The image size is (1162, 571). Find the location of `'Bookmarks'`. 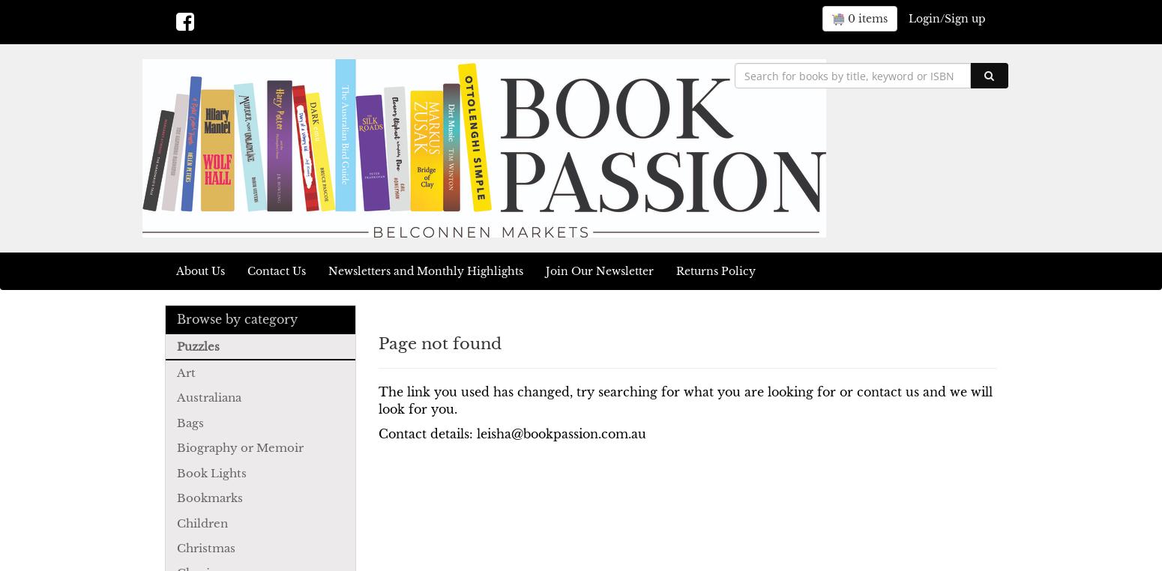

'Bookmarks' is located at coordinates (209, 497).